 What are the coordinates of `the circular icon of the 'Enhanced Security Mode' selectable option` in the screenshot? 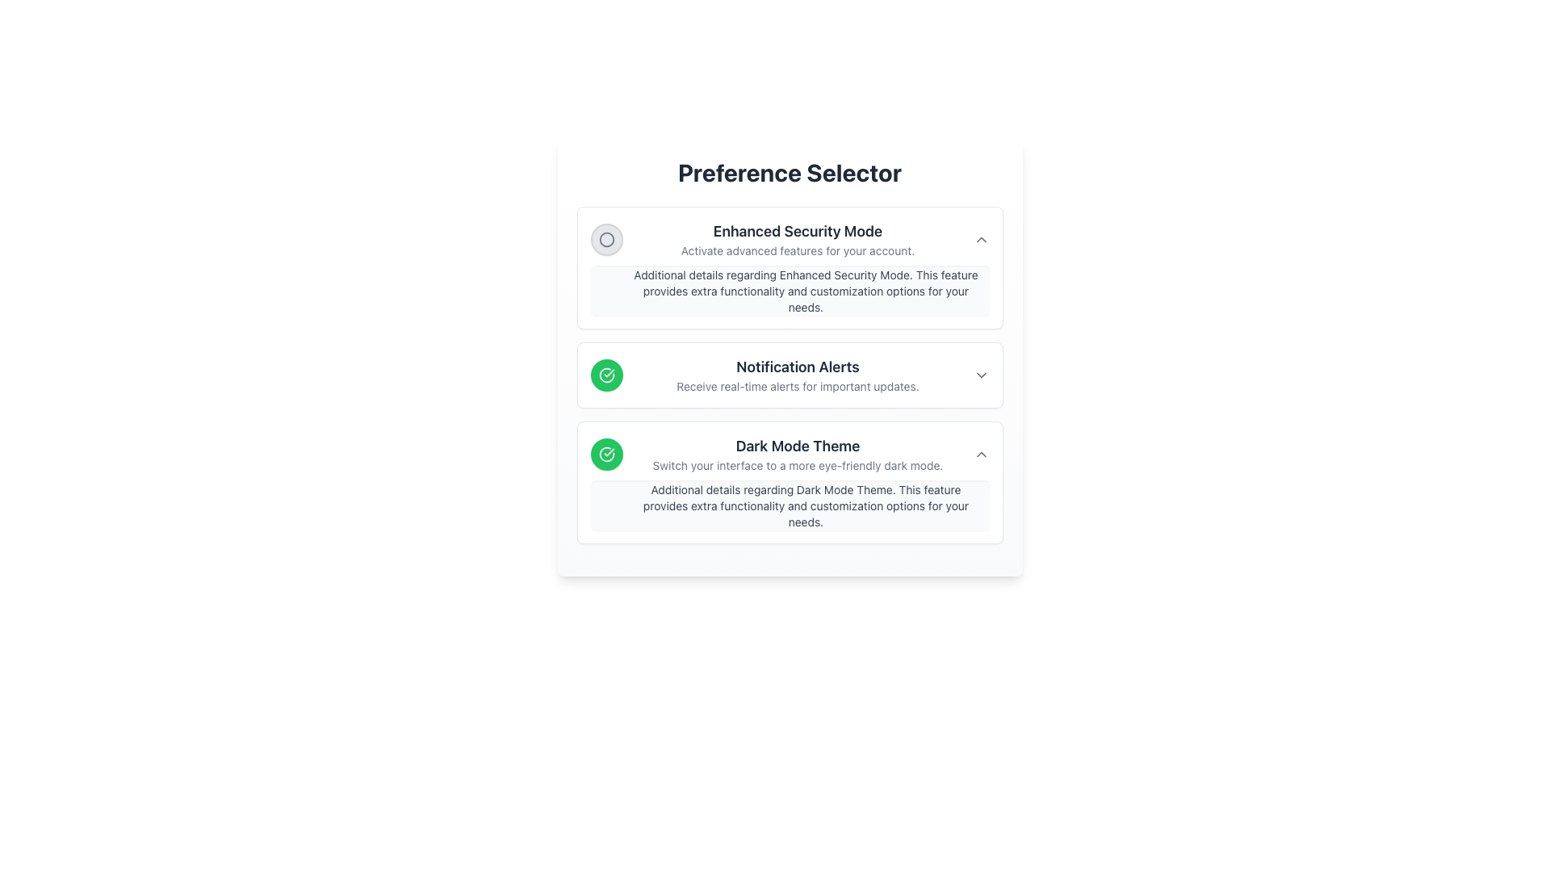 It's located at (790, 240).